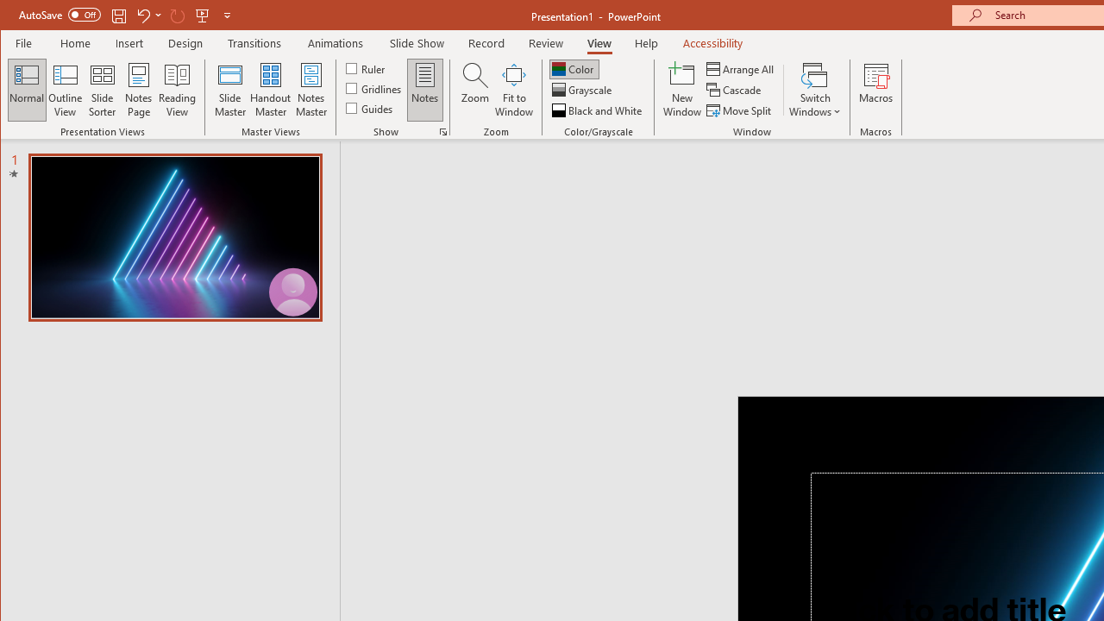  Describe the element at coordinates (374, 88) in the screenshot. I see `'Gridlines'` at that location.